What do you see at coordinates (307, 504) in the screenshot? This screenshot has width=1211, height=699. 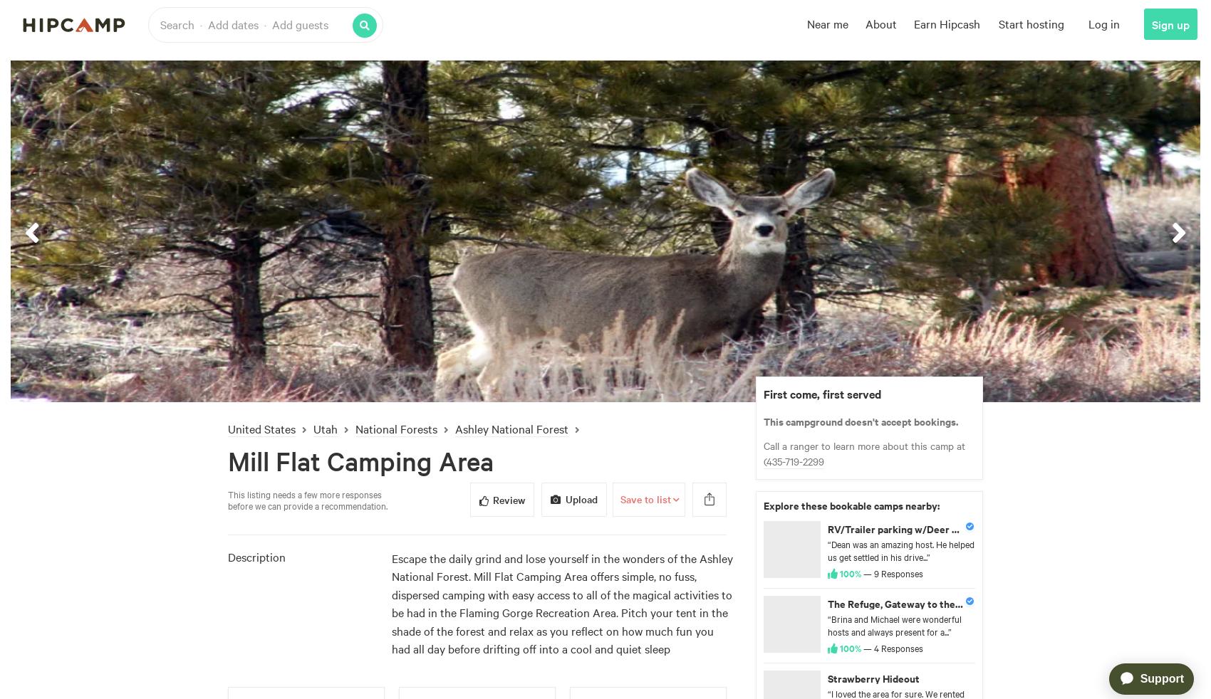 I see `'before
we can provide a recommendation.'` at bounding box center [307, 504].